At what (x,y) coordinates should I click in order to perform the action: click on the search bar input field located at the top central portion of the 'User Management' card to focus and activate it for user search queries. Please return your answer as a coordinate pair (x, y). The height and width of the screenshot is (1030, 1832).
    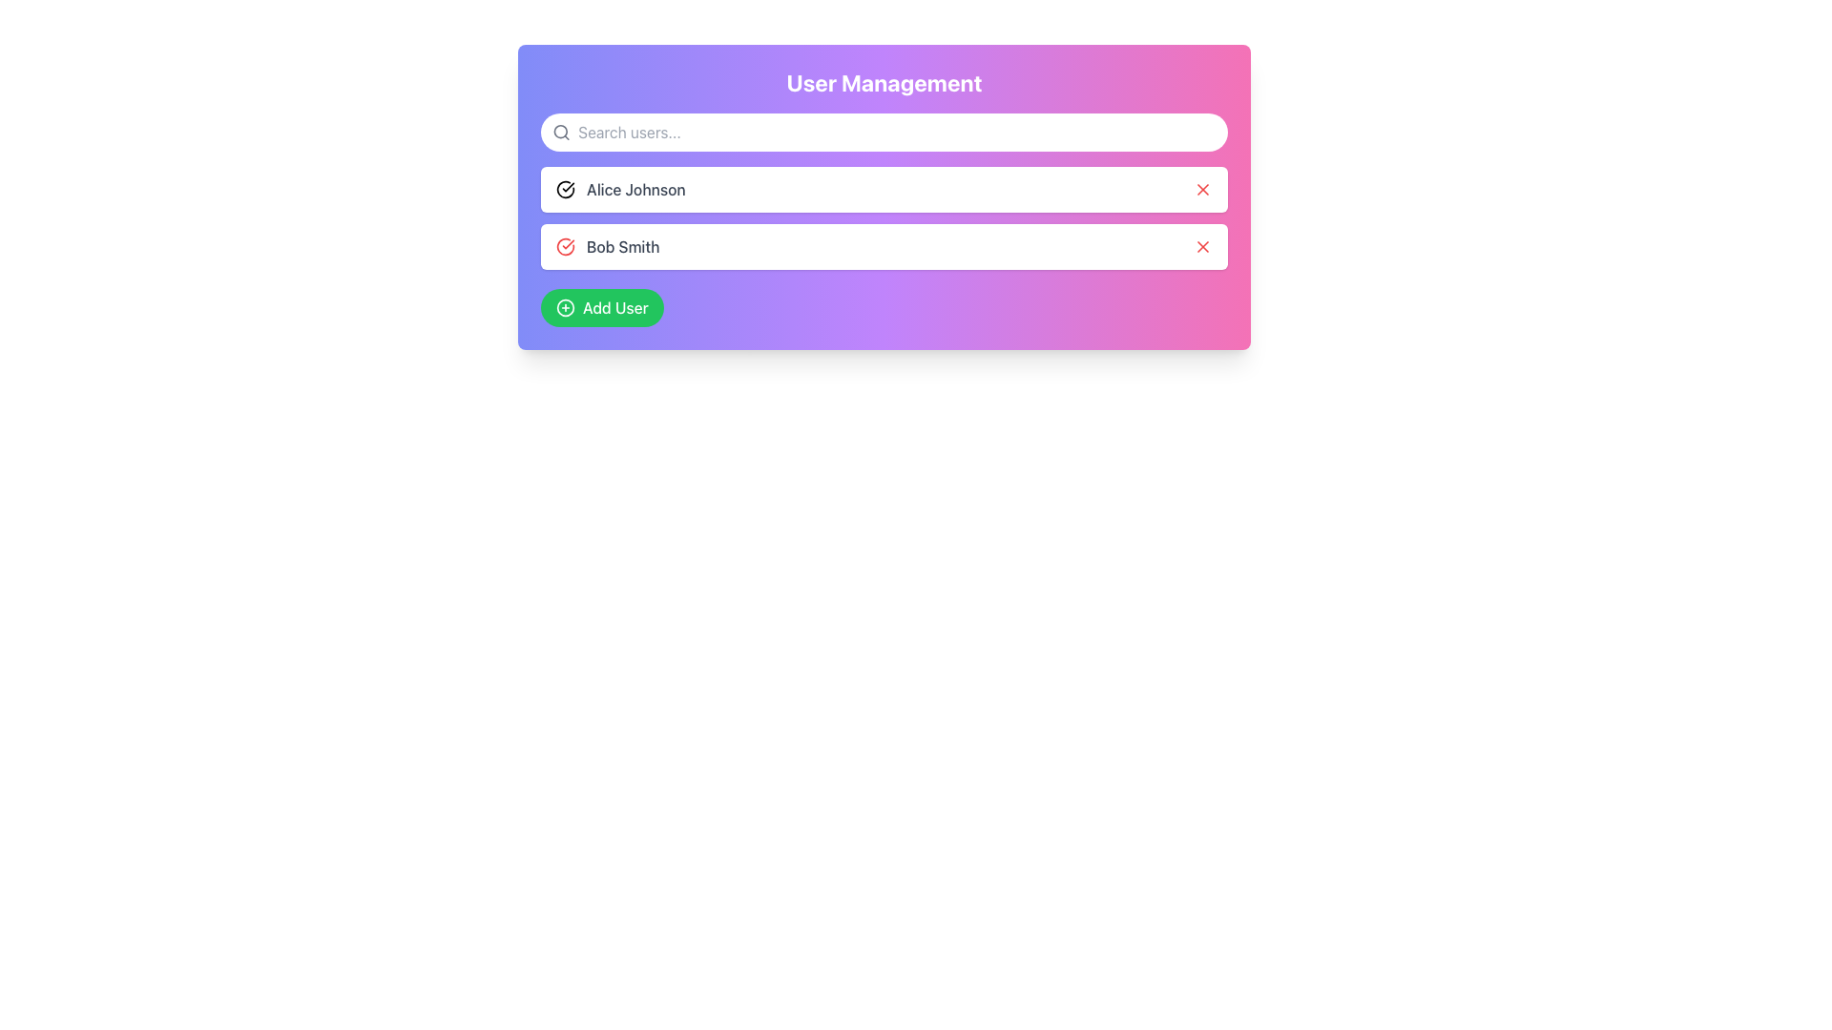
    Looking at the image, I should click on (883, 131).